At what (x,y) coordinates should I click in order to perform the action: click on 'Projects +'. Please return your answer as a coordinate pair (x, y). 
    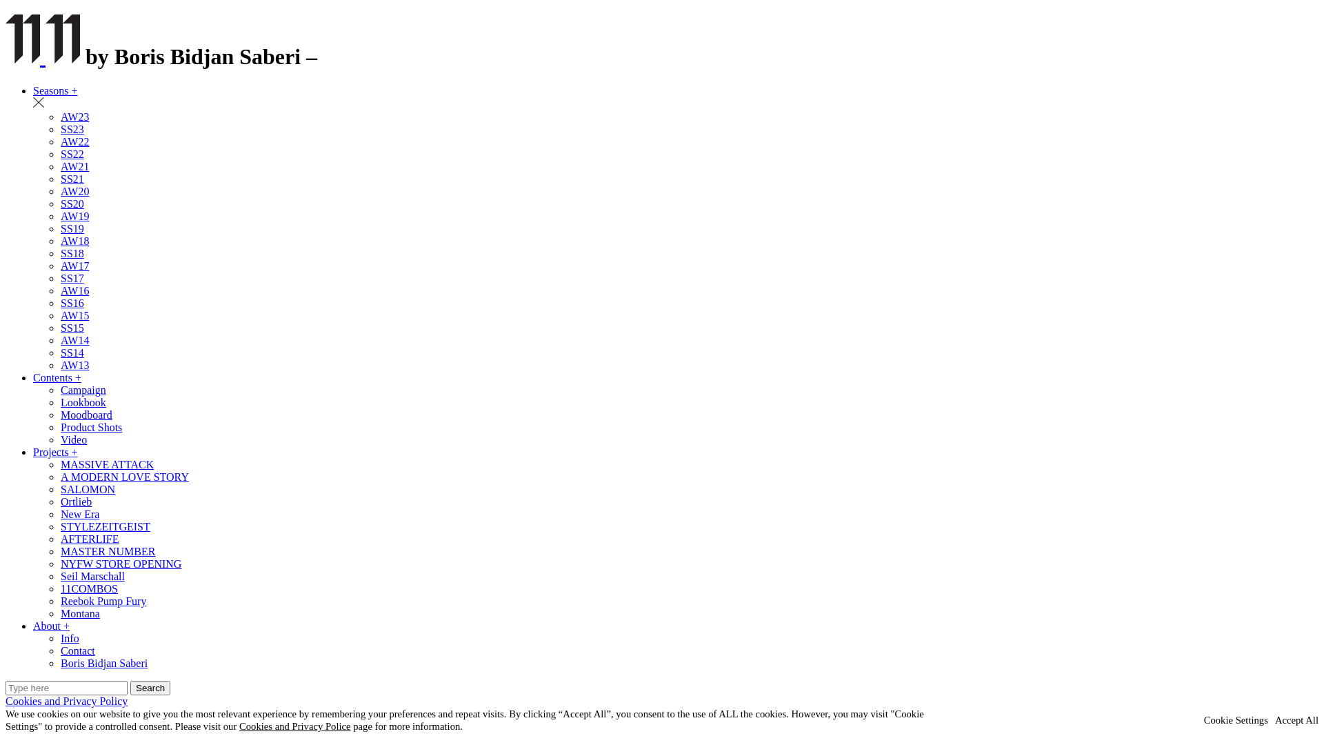
    Looking at the image, I should click on (55, 452).